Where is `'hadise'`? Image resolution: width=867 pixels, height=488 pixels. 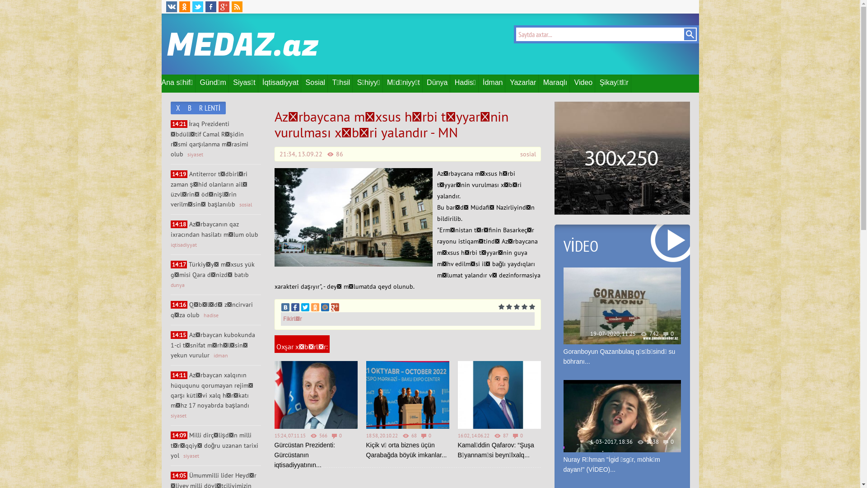
'hadise' is located at coordinates (203, 314).